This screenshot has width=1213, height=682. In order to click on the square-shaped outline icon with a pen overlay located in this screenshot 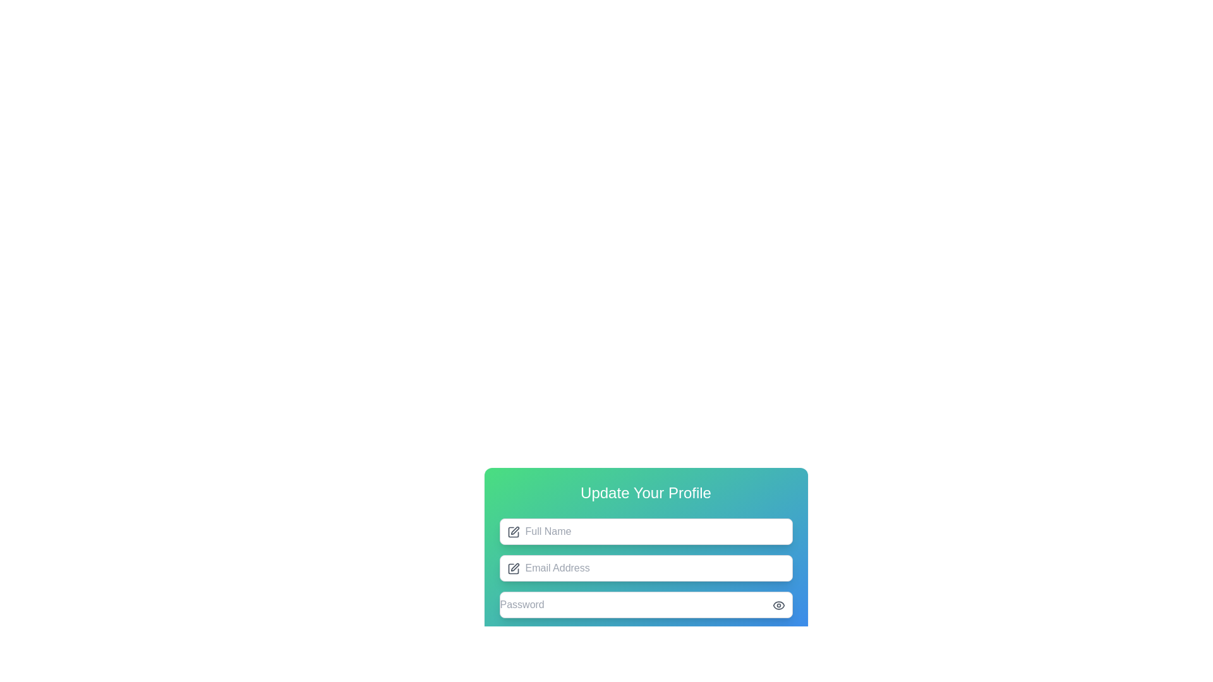, I will do `click(513, 532)`.